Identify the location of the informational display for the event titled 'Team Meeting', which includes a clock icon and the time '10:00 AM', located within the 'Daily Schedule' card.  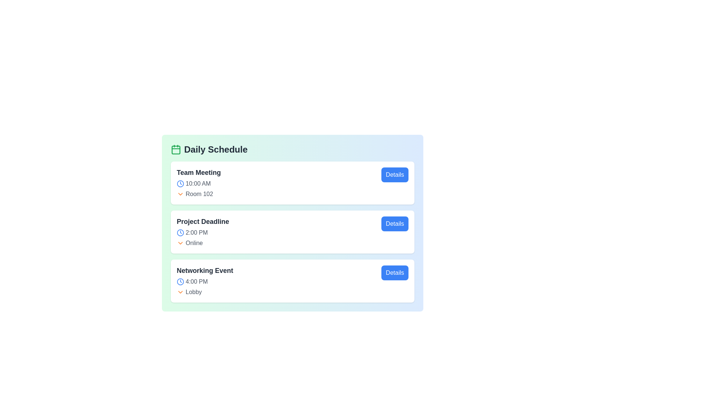
(199, 183).